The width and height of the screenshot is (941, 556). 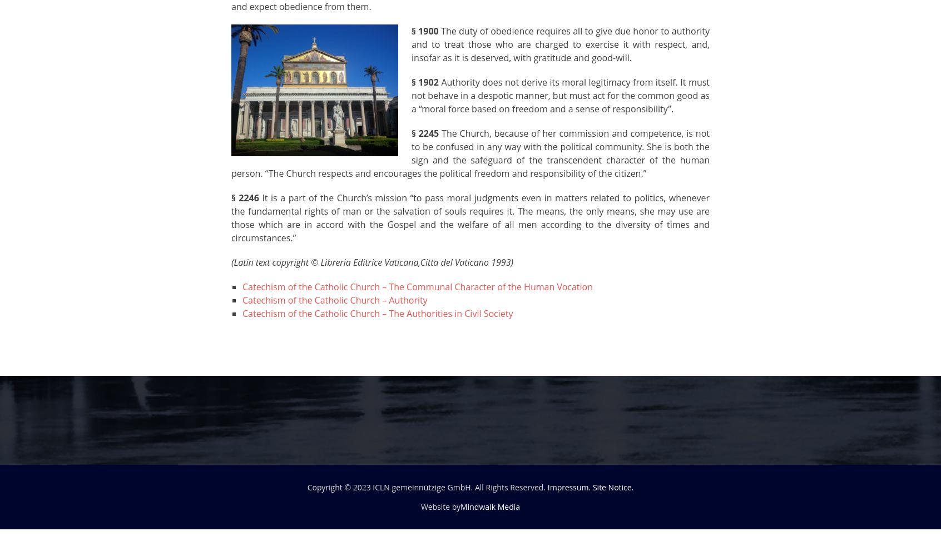 I want to click on '§ 1900', so click(x=424, y=31).